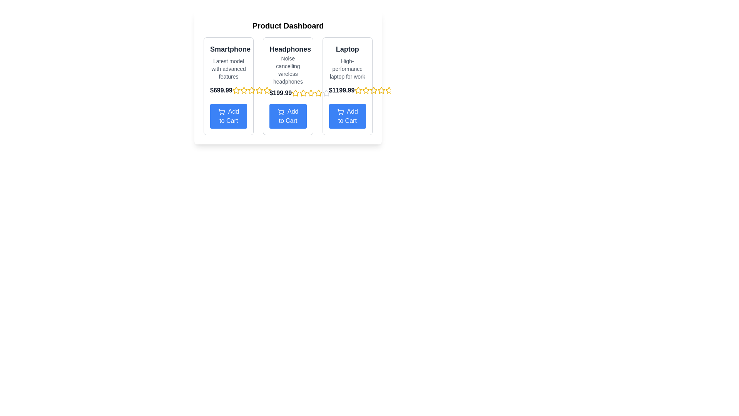  Describe the element at coordinates (366, 90) in the screenshot. I see `the third star icon in the star rating system for the 'Laptop' product, located on the right side of the interface` at that location.